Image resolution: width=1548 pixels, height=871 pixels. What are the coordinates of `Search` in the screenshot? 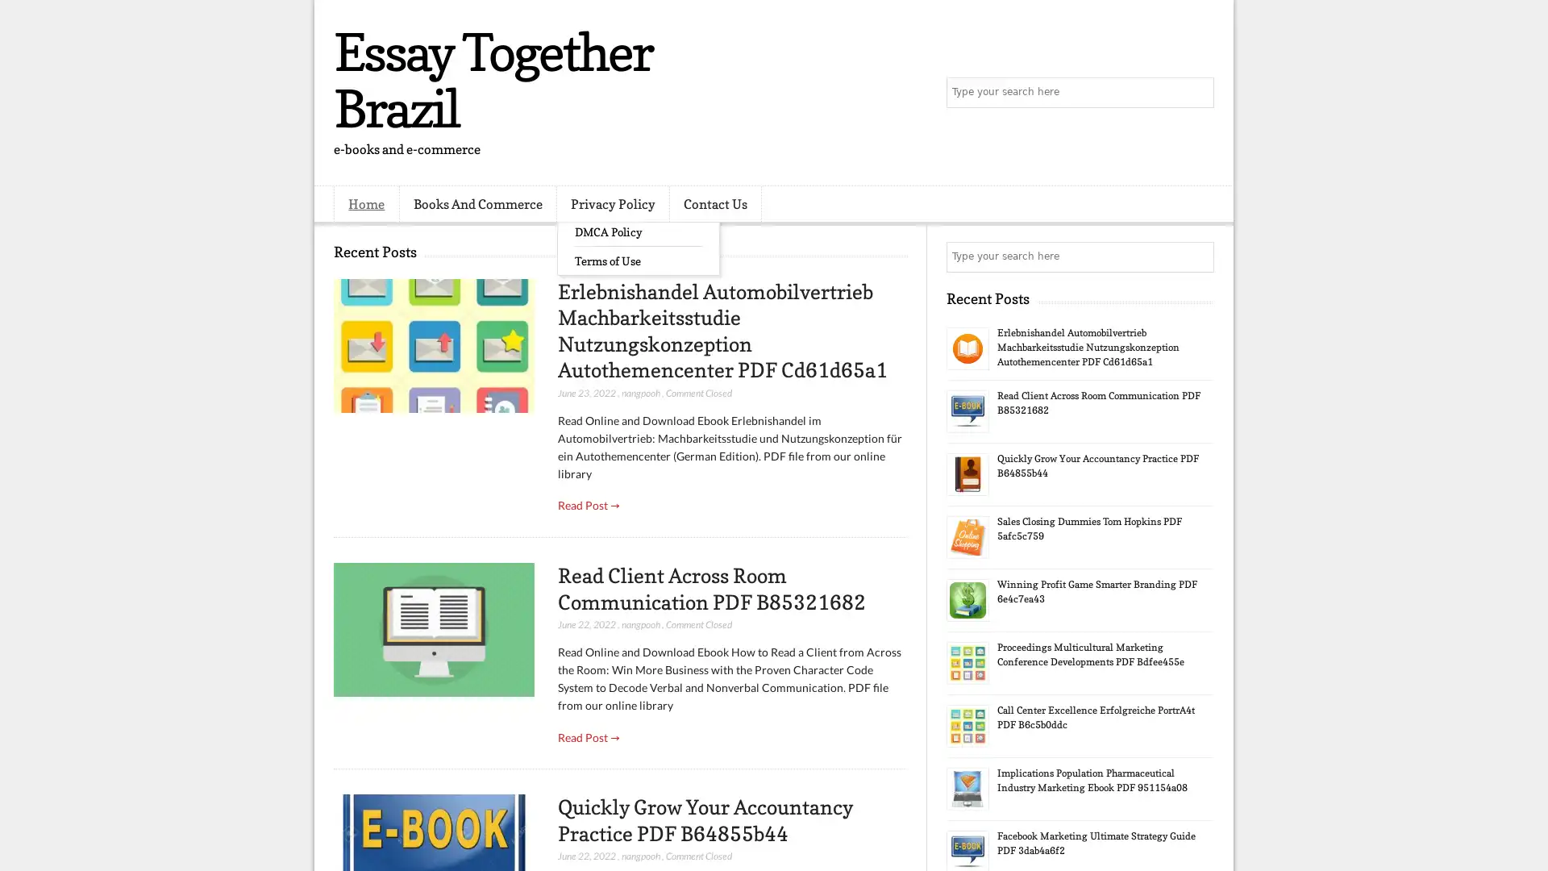 It's located at (1197, 93).